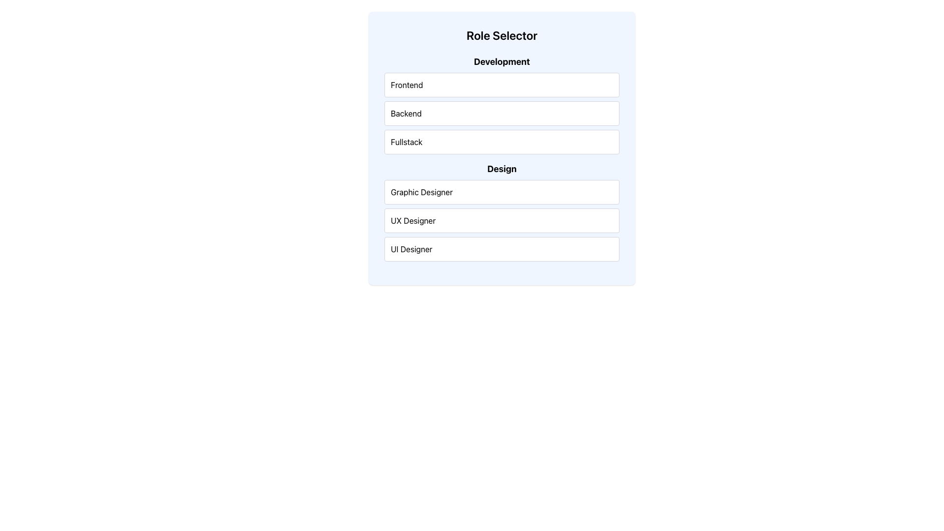 The width and height of the screenshot is (944, 531). What do you see at coordinates (502, 211) in the screenshot?
I see `the second button in the 'Design' section that represents the 'UX Designer' role, located between the 'Graphic Designer' and 'UI Designer' buttons` at bounding box center [502, 211].